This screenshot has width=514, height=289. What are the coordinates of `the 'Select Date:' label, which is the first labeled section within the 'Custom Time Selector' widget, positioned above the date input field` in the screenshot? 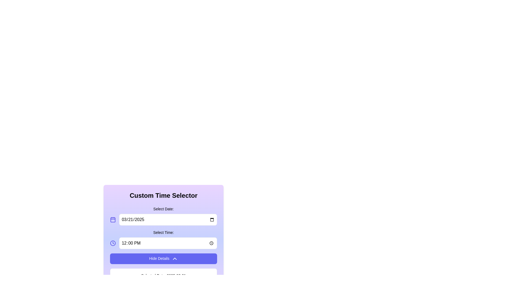 It's located at (163, 215).